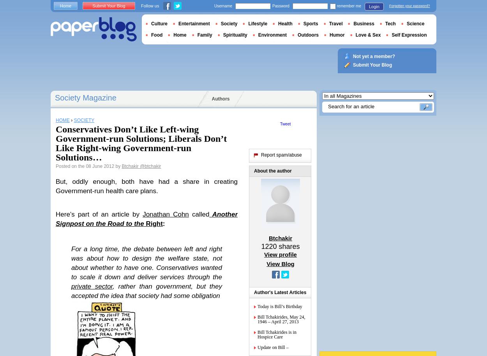  Describe the element at coordinates (272, 347) in the screenshot. I see `'Update on Bill –'` at that location.